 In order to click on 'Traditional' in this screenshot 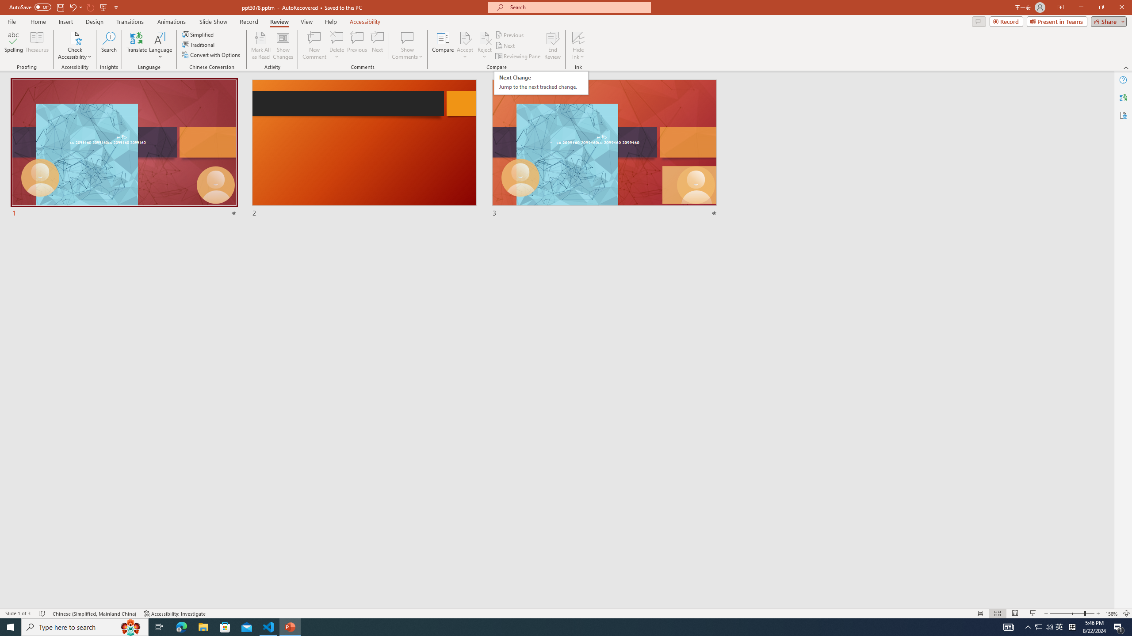, I will do `click(198, 44)`.